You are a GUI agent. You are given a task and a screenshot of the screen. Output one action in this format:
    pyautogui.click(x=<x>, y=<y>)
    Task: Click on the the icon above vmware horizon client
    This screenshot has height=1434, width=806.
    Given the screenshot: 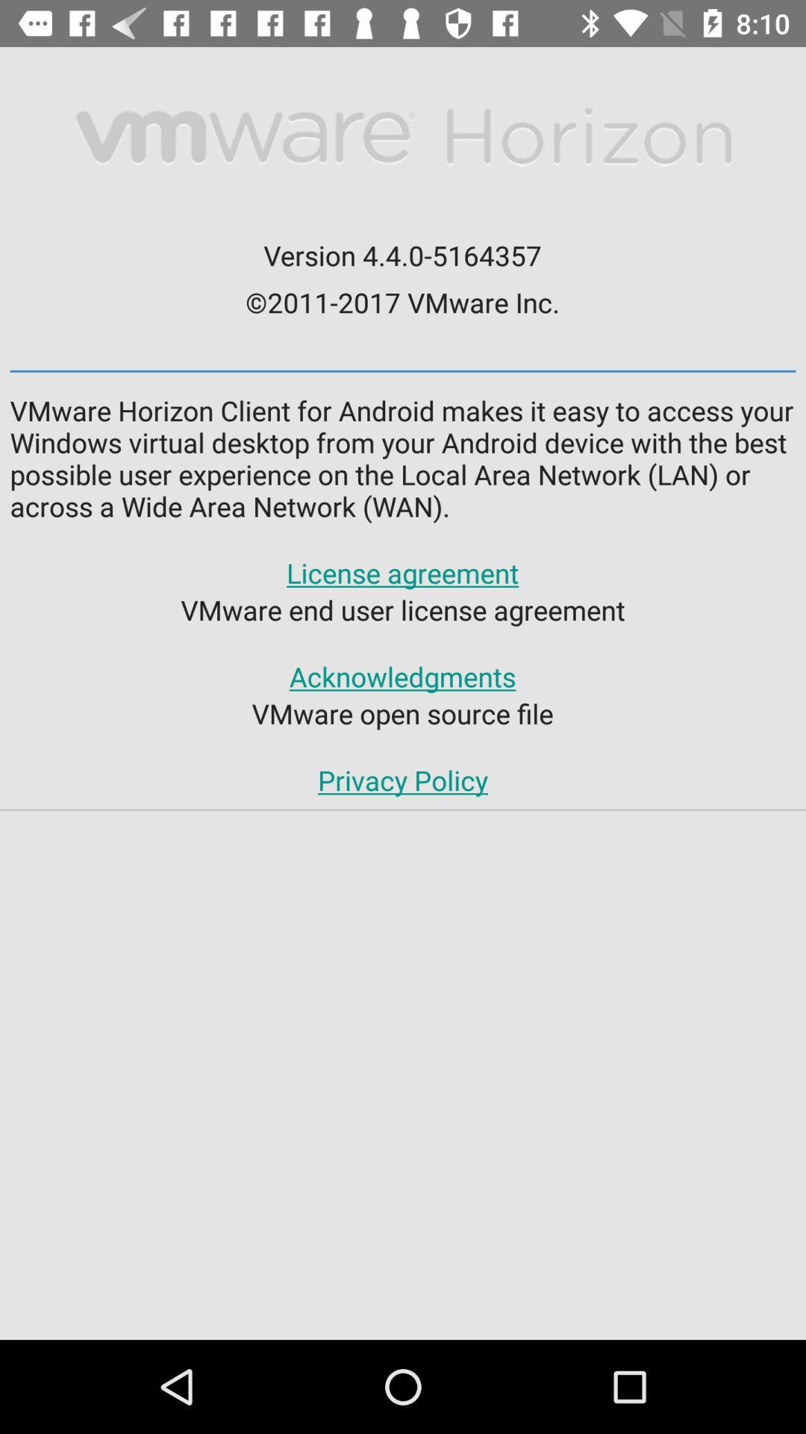 What is the action you would take?
    pyautogui.click(x=403, y=371)
    